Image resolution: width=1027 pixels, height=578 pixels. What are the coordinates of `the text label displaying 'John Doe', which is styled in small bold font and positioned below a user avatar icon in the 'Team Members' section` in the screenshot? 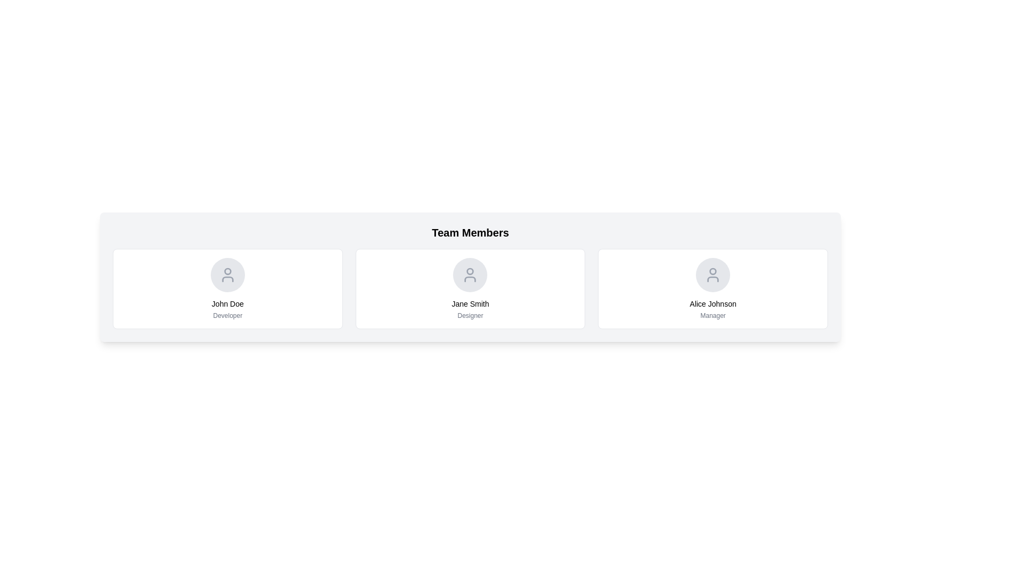 It's located at (227, 303).